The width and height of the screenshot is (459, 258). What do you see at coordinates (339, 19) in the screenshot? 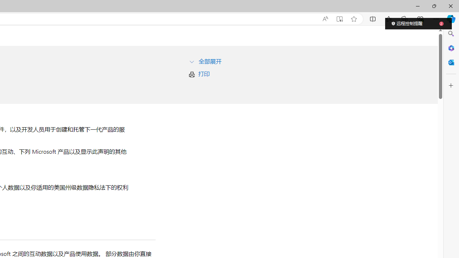
I see `'Enter Immersive Reader (F9)'` at bounding box center [339, 19].